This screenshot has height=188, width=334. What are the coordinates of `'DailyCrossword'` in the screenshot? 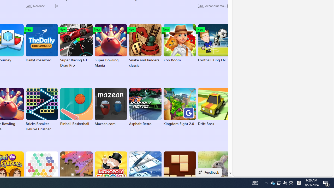 It's located at (42, 43).